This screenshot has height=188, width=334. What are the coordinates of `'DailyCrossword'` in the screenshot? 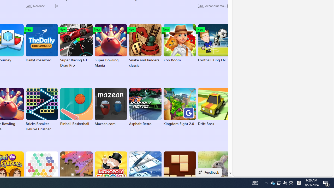 It's located at (42, 43).